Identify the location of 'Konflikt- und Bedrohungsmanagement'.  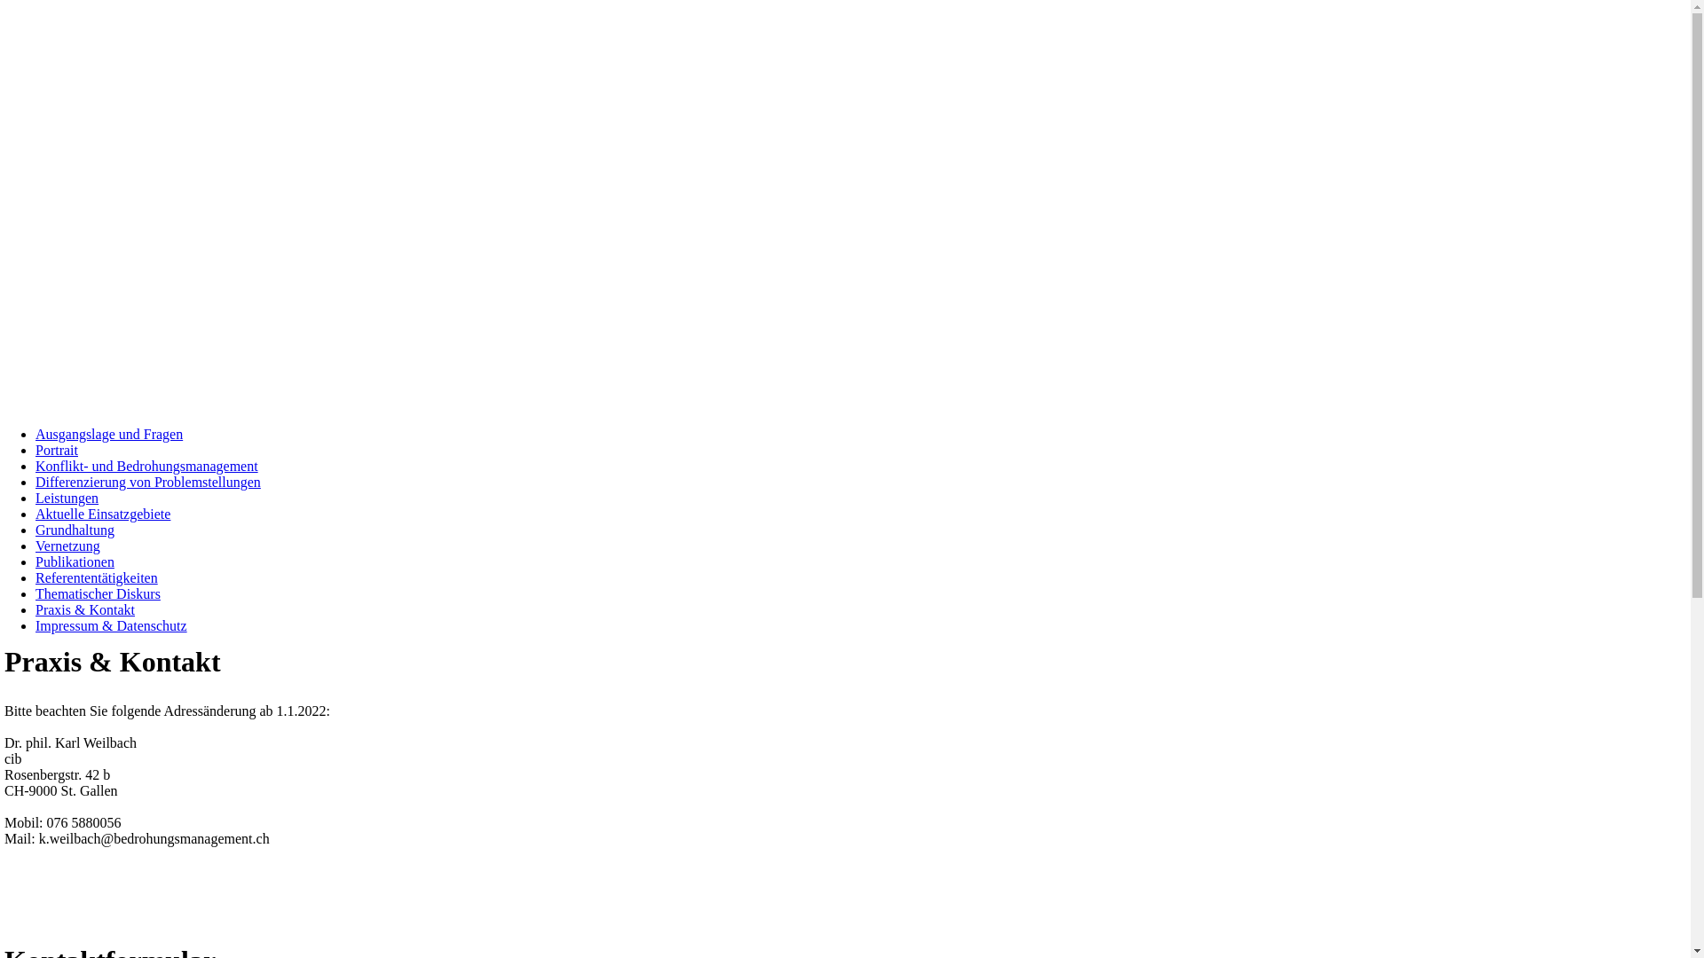
(146, 465).